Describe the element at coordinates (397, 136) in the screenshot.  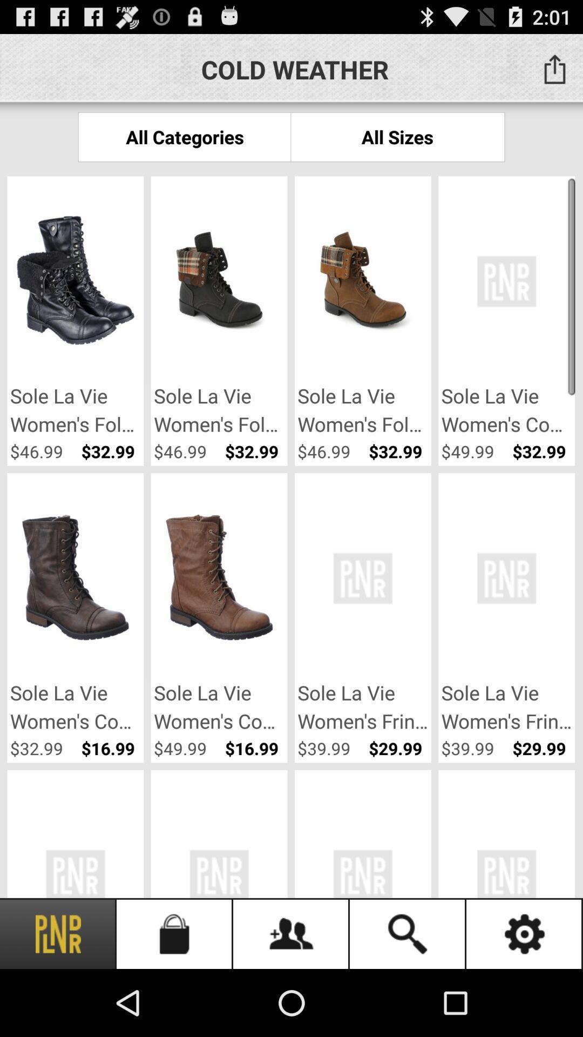
I see `the all sizes icon` at that location.